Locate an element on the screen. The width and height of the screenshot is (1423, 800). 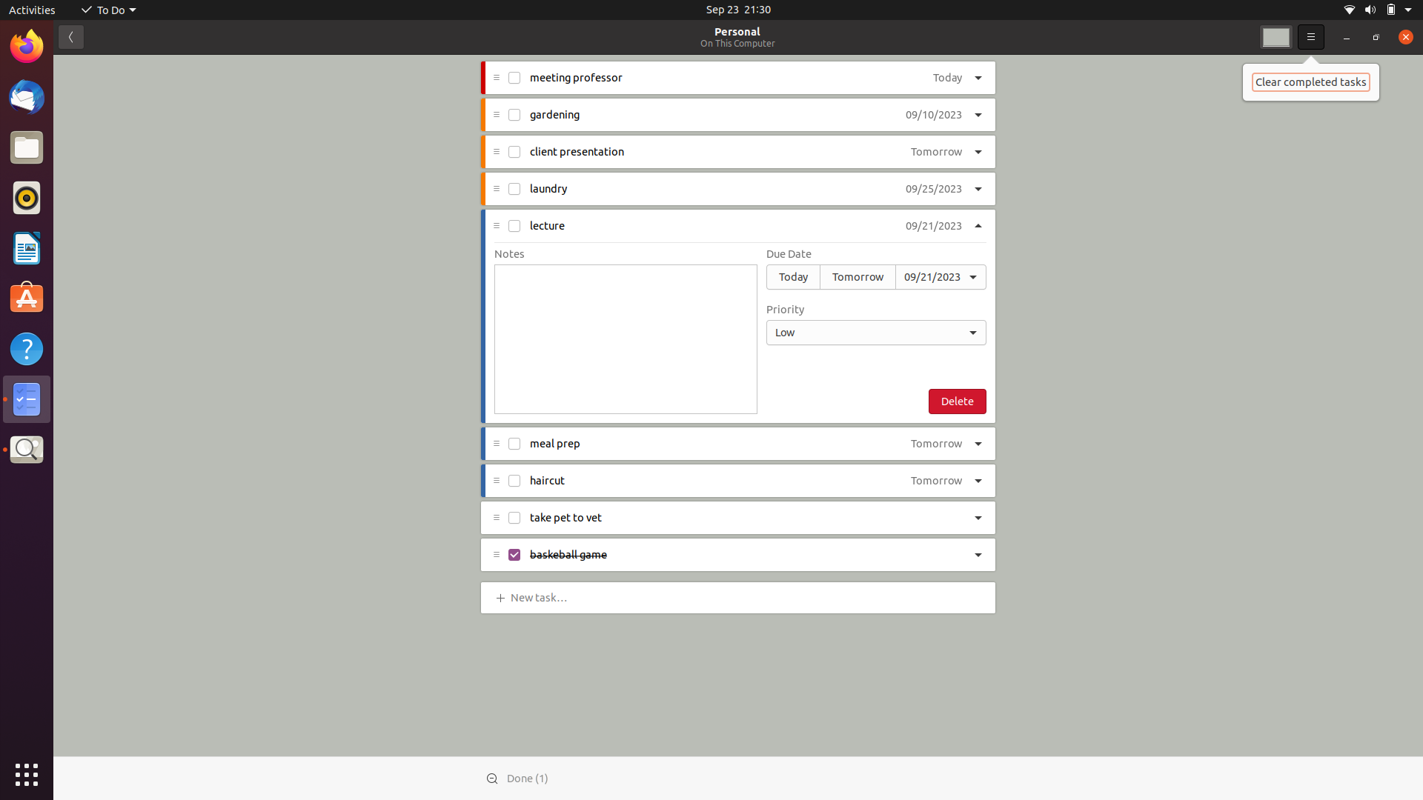
Add "cooking" task is located at coordinates (541, 596).